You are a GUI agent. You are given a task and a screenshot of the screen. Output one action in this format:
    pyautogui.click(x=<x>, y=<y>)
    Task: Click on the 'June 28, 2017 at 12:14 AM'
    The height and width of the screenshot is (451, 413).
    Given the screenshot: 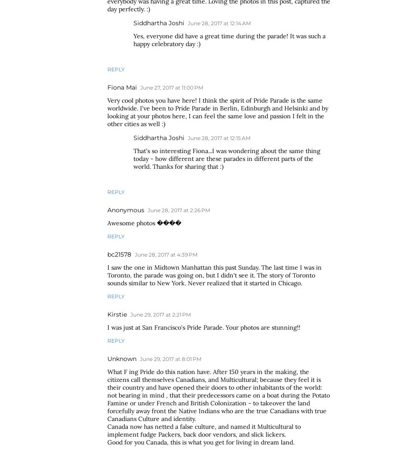 What is the action you would take?
    pyautogui.click(x=187, y=23)
    